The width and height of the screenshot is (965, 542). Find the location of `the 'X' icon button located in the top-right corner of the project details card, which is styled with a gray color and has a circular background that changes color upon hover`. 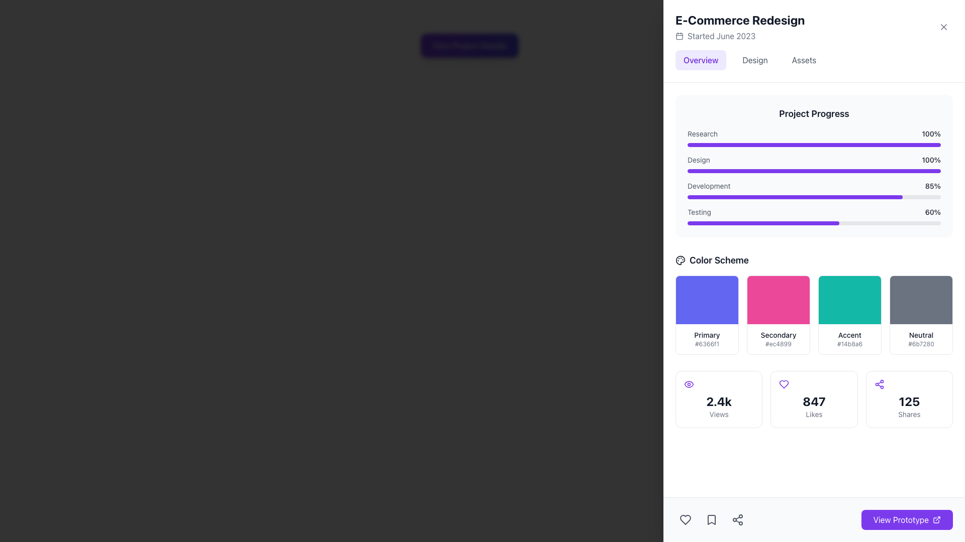

the 'X' icon button located in the top-right corner of the project details card, which is styled with a gray color and has a circular background that changes color upon hover is located at coordinates (943, 27).